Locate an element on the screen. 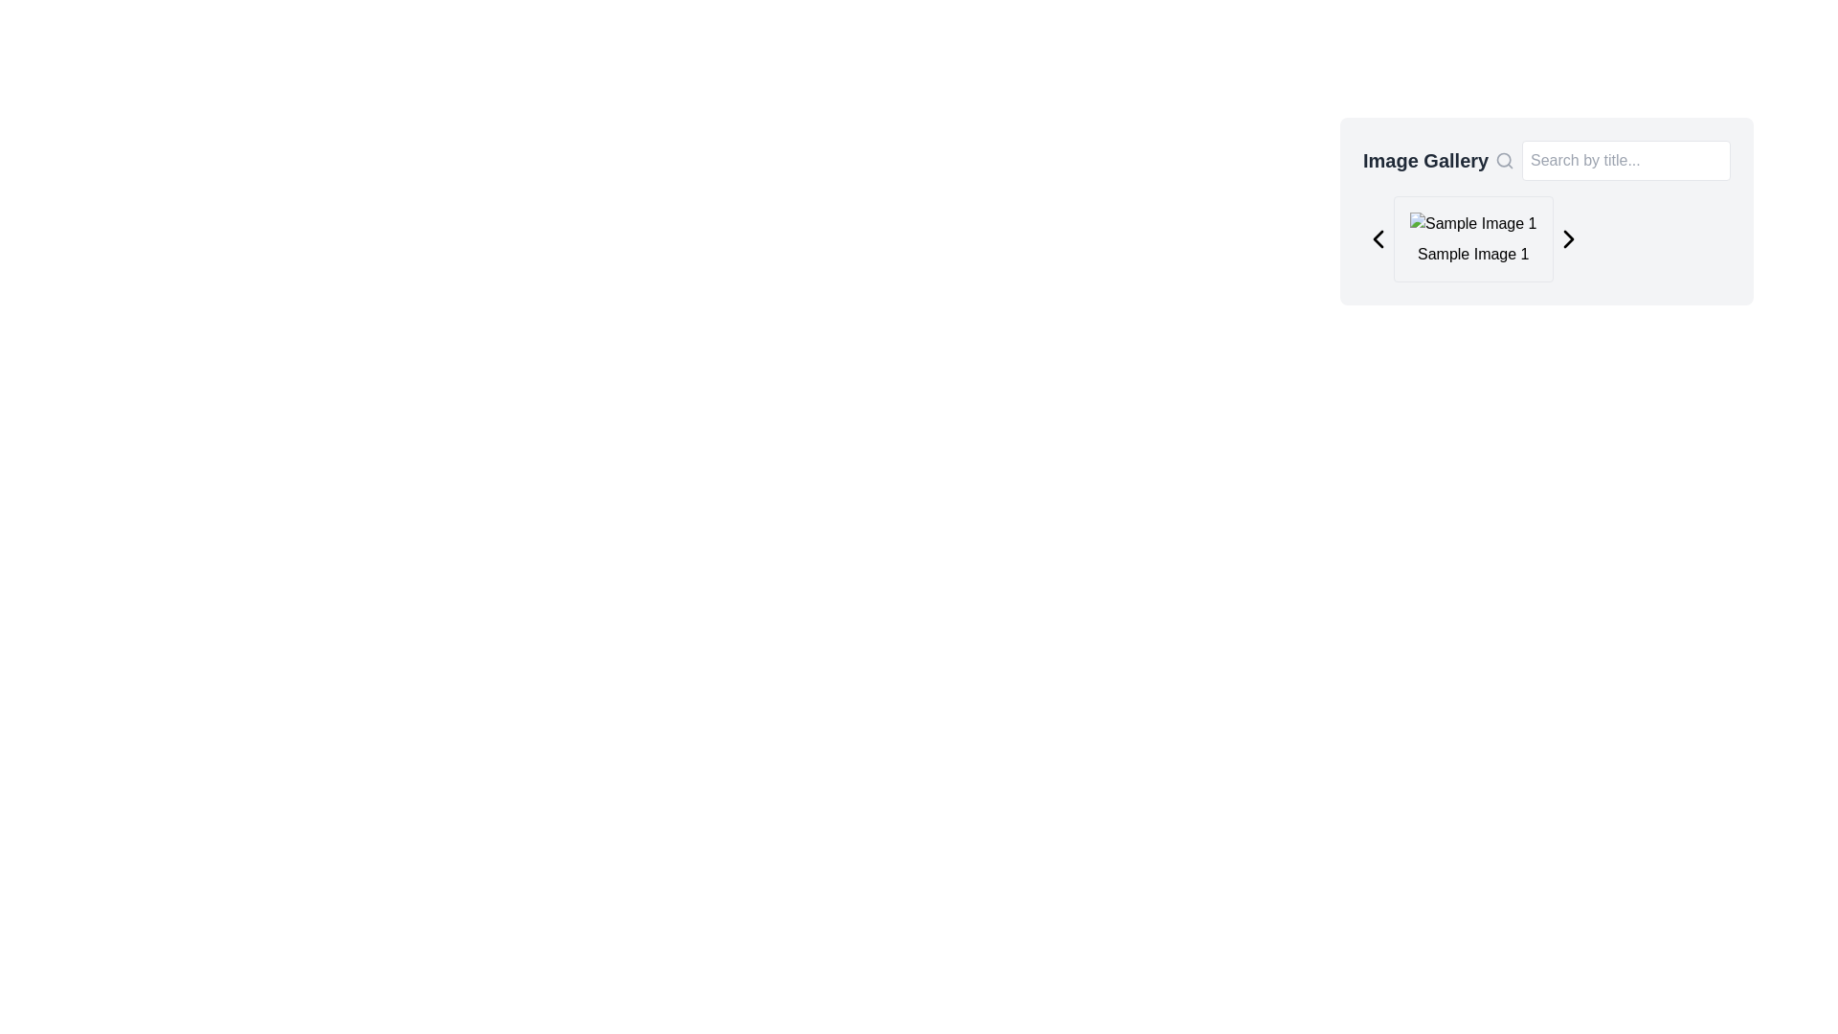 Image resolution: width=1838 pixels, height=1034 pixels. the 'Next' button, which is a chevron icon located at the far right of the image gallery interface is located at coordinates (1568, 238).